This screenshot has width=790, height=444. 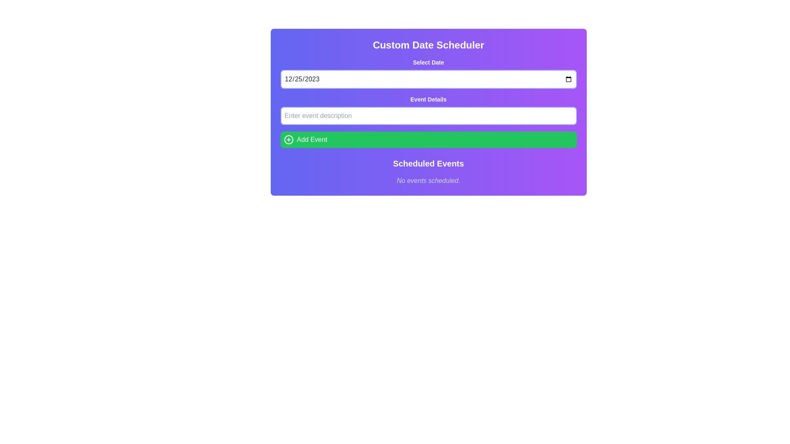 I want to click on the circular graphical element that complements the 'Add Event' icon located to the left of the button text, so click(x=288, y=139).